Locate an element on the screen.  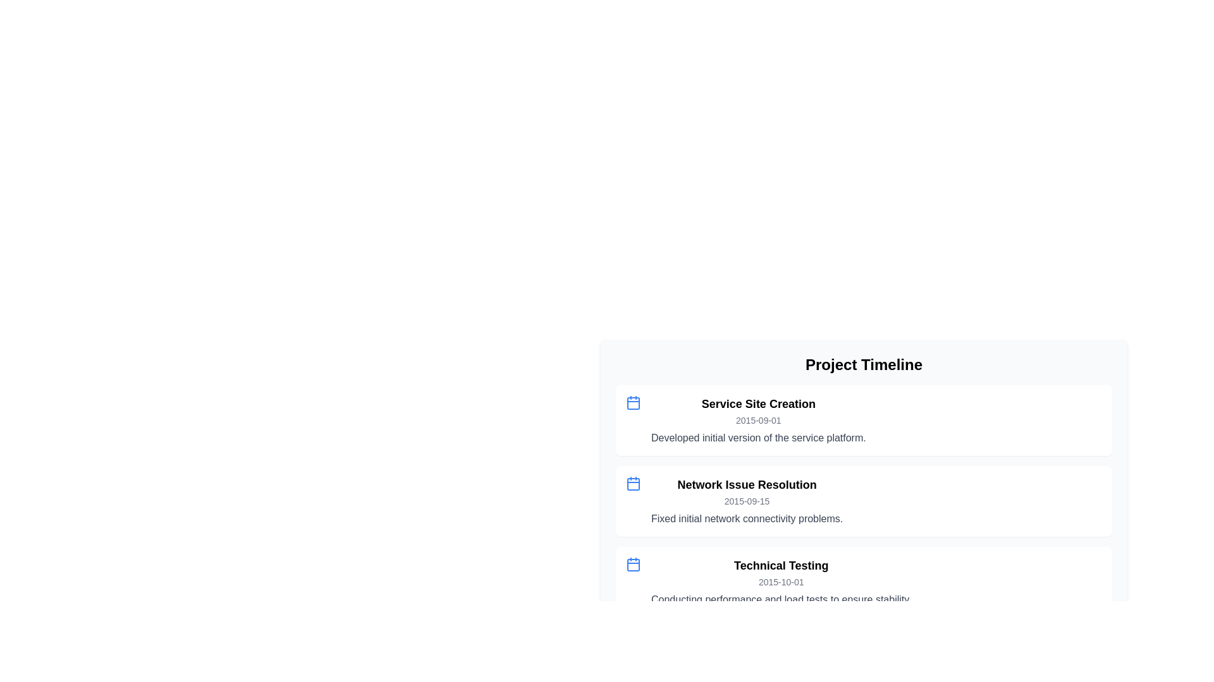
the icon indicating the date associated with the 'Technical Testing' event in the project timeline, located at the leftmost position of the third entry in a vertical list is located at coordinates (634, 564).